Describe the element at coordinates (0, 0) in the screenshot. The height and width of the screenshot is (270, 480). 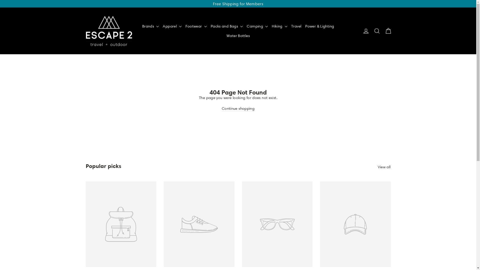
I see `'Skip to content'` at that location.